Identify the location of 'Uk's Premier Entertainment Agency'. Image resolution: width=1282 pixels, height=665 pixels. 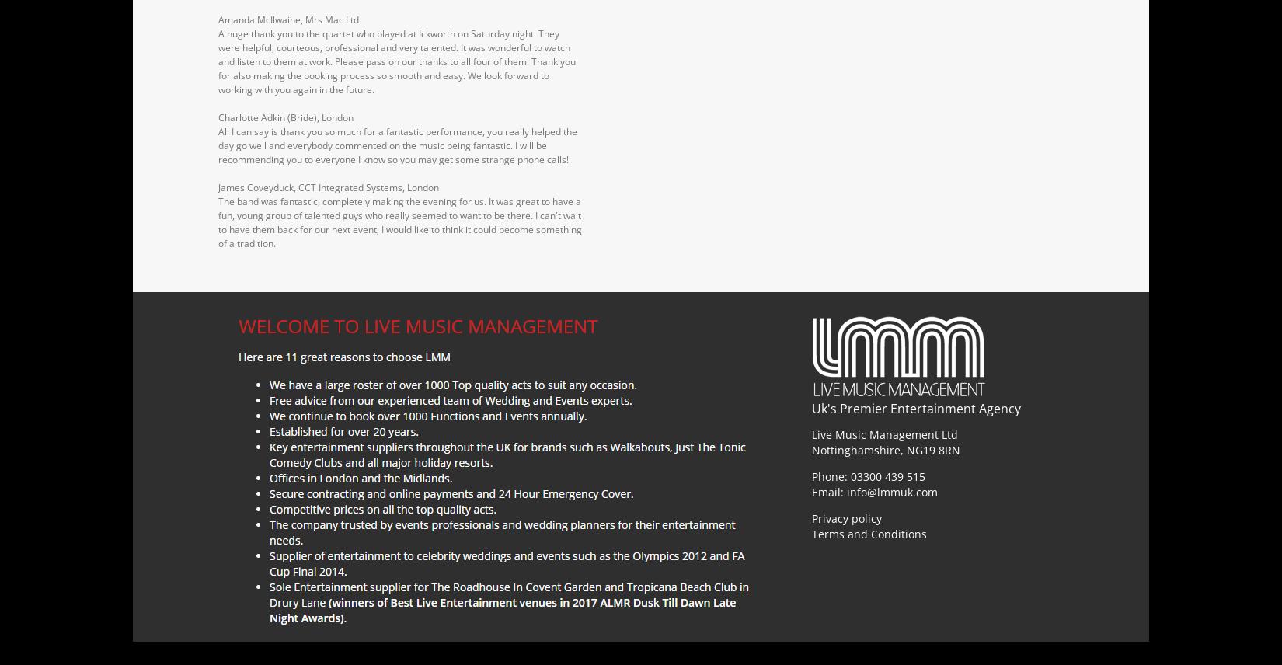
(916, 407).